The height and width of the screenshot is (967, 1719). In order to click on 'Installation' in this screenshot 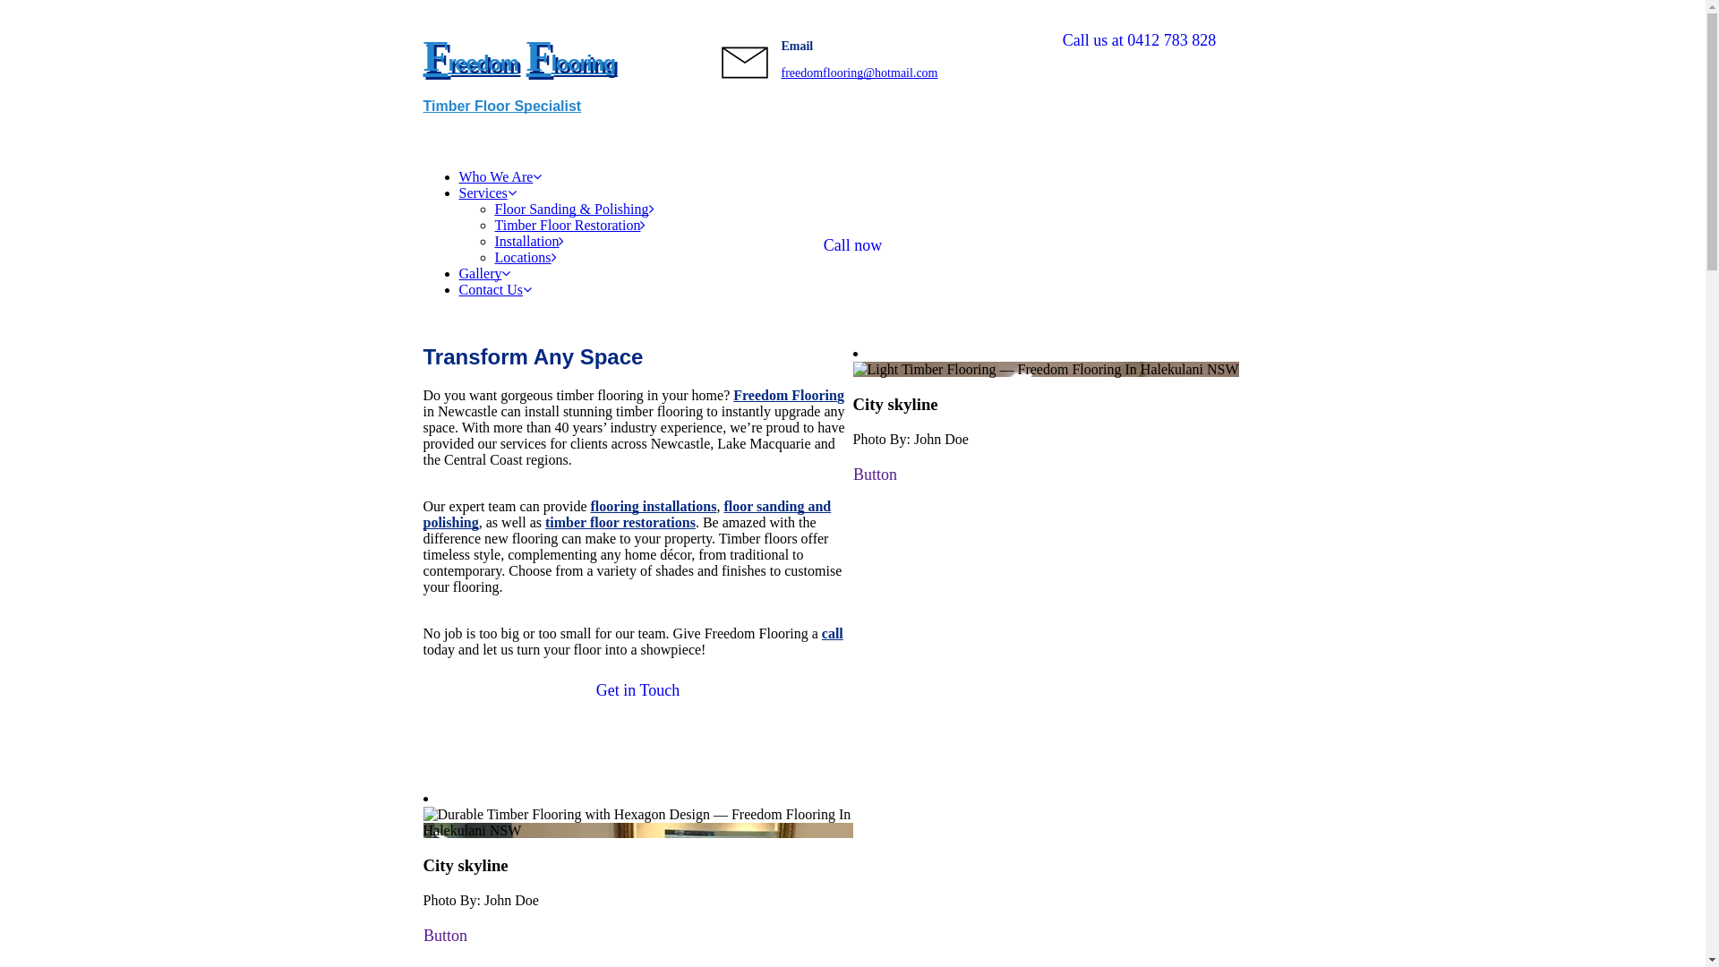, I will do `click(527, 240)`.